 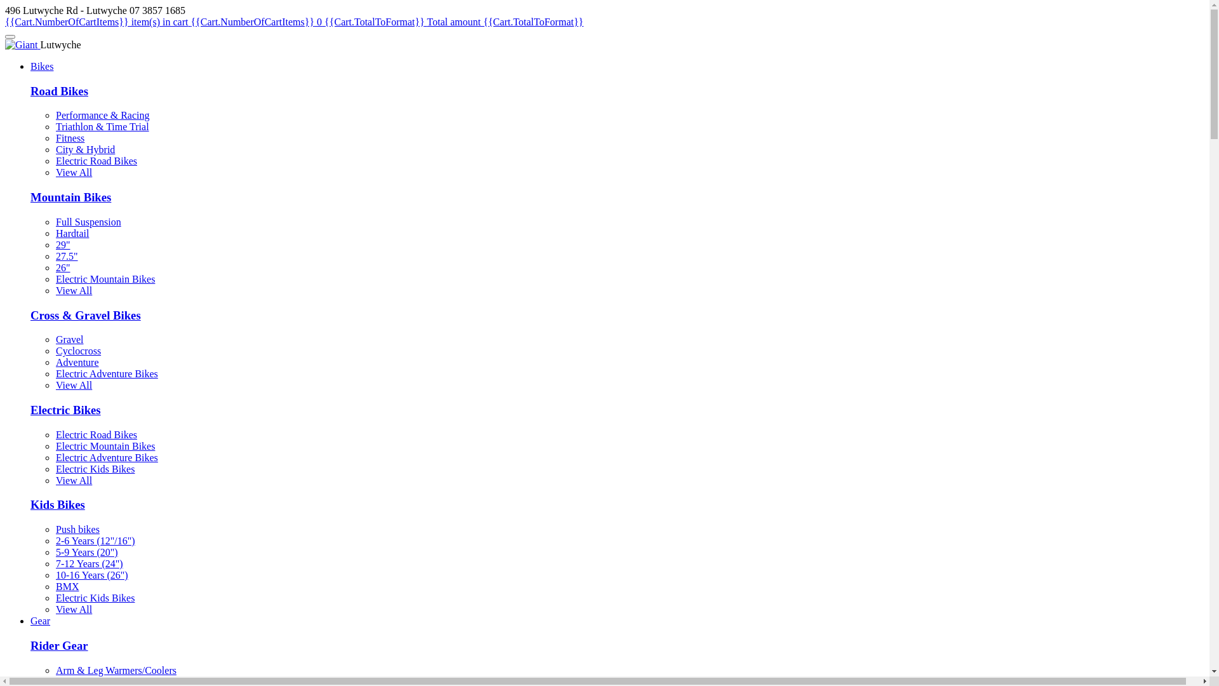 I want to click on 'Full Suspension', so click(x=88, y=221).